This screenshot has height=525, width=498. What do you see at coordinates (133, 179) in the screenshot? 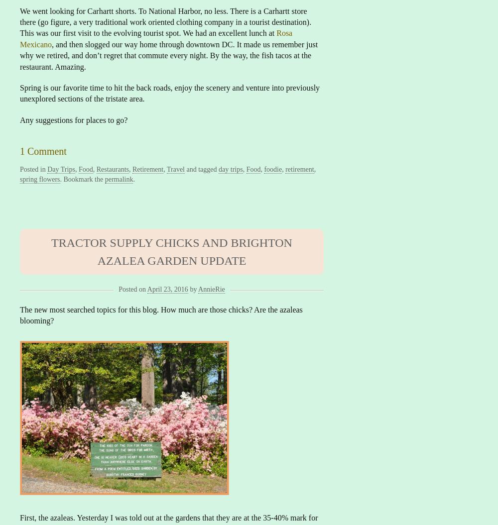
I see `'.'` at bounding box center [133, 179].